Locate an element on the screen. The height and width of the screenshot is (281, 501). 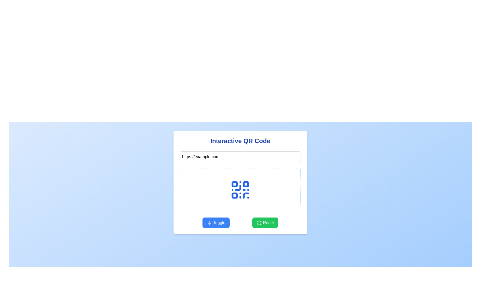
the downward-pointing arrow icon within the 'Toggle' button to initiate the toggle action is located at coordinates (209, 222).